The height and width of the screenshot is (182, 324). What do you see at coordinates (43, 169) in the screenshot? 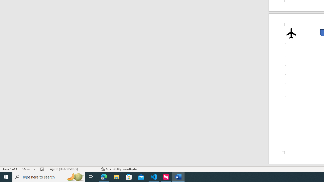
I see `'Spelling and Grammar Check Errors'` at bounding box center [43, 169].